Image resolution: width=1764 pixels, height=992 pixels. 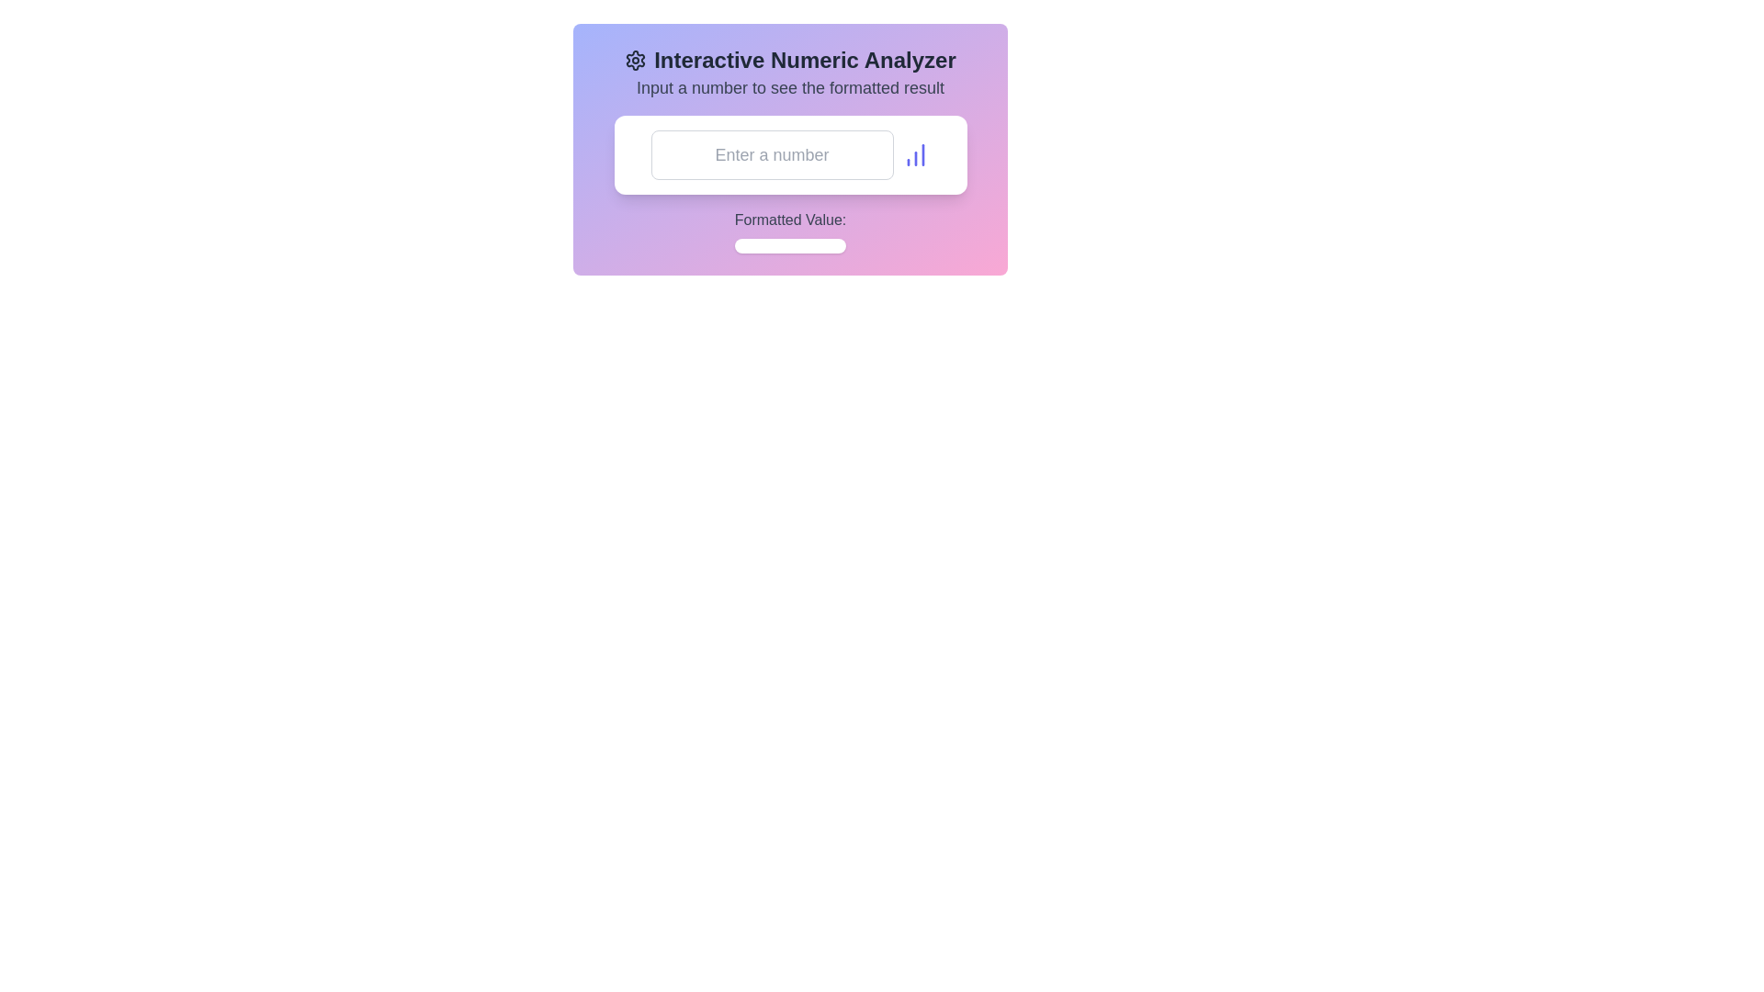 I want to click on the settings icon located in the upper-left corner of the 'Interactive Numeric Analyzer' card, so click(x=636, y=59).